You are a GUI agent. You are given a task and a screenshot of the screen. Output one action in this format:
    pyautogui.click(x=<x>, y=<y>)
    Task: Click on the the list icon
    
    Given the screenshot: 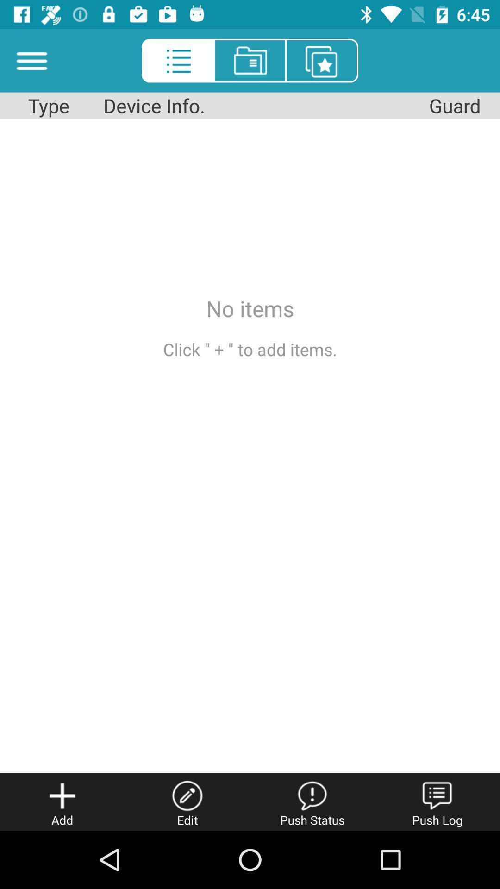 What is the action you would take?
    pyautogui.click(x=178, y=60)
    